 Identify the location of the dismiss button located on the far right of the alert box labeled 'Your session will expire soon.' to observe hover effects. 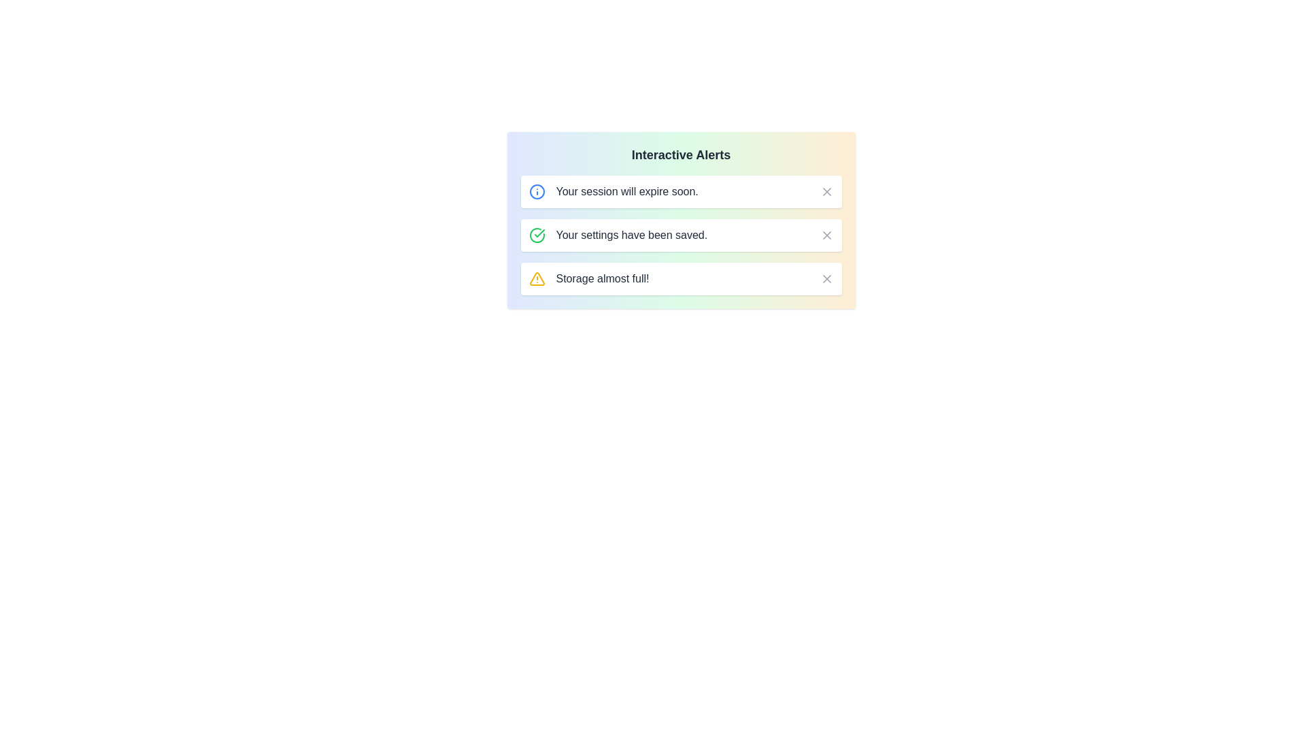
(826, 191).